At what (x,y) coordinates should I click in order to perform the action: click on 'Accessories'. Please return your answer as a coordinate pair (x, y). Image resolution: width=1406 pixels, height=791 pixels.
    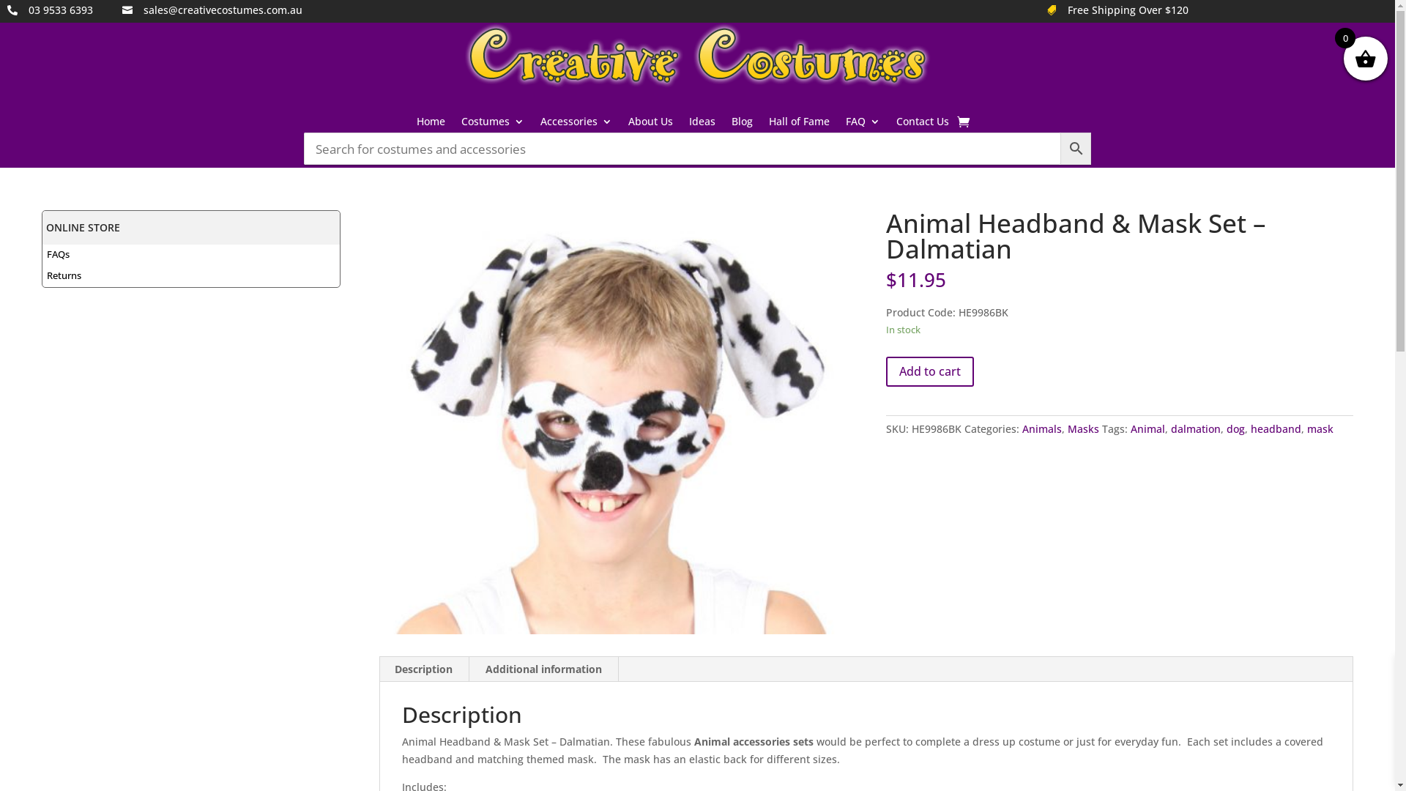
    Looking at the image, I should click on (576, 123).